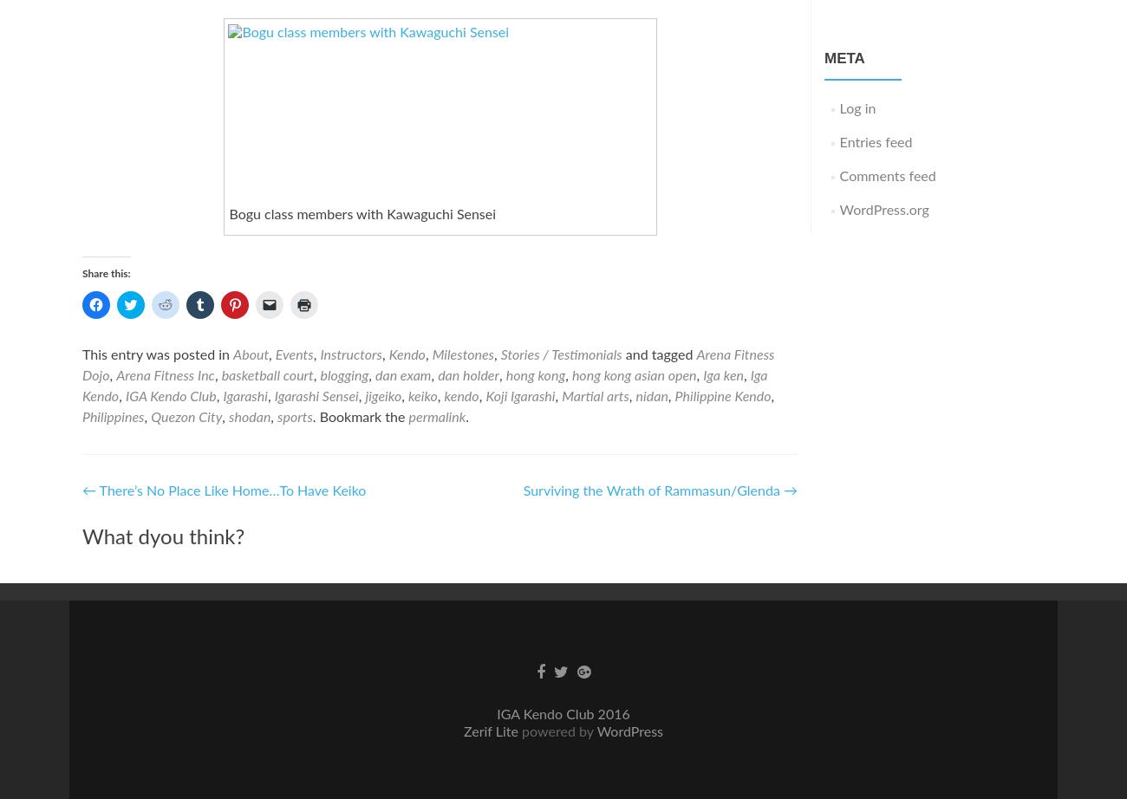 This screenshot has height=799, width=1127. What do you see at coordinates (163, 537) in the screenshot?
I see `'What dyou think?'` at bounding box center [163, 537].